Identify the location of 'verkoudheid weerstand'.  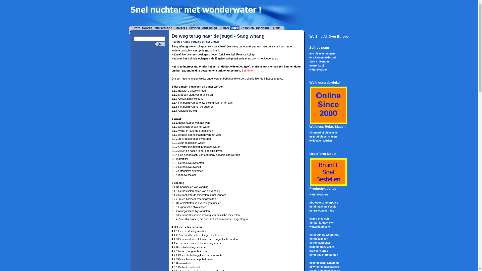
(324, 234).